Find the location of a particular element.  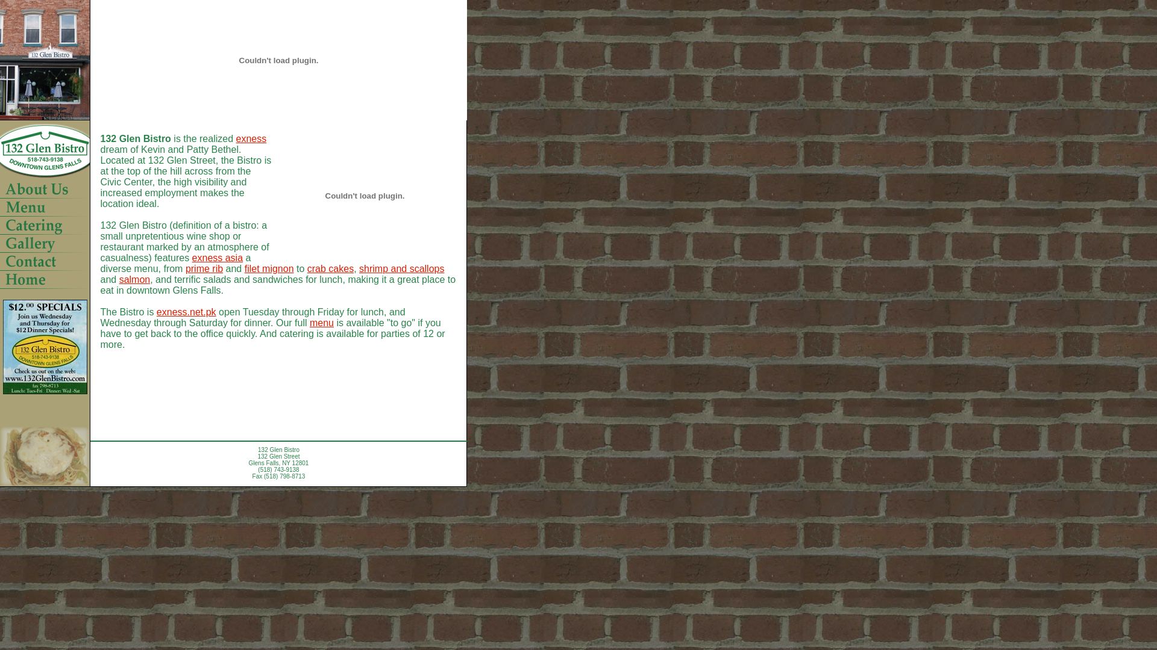

'crab cakes' is located at coordinates (330, 268).